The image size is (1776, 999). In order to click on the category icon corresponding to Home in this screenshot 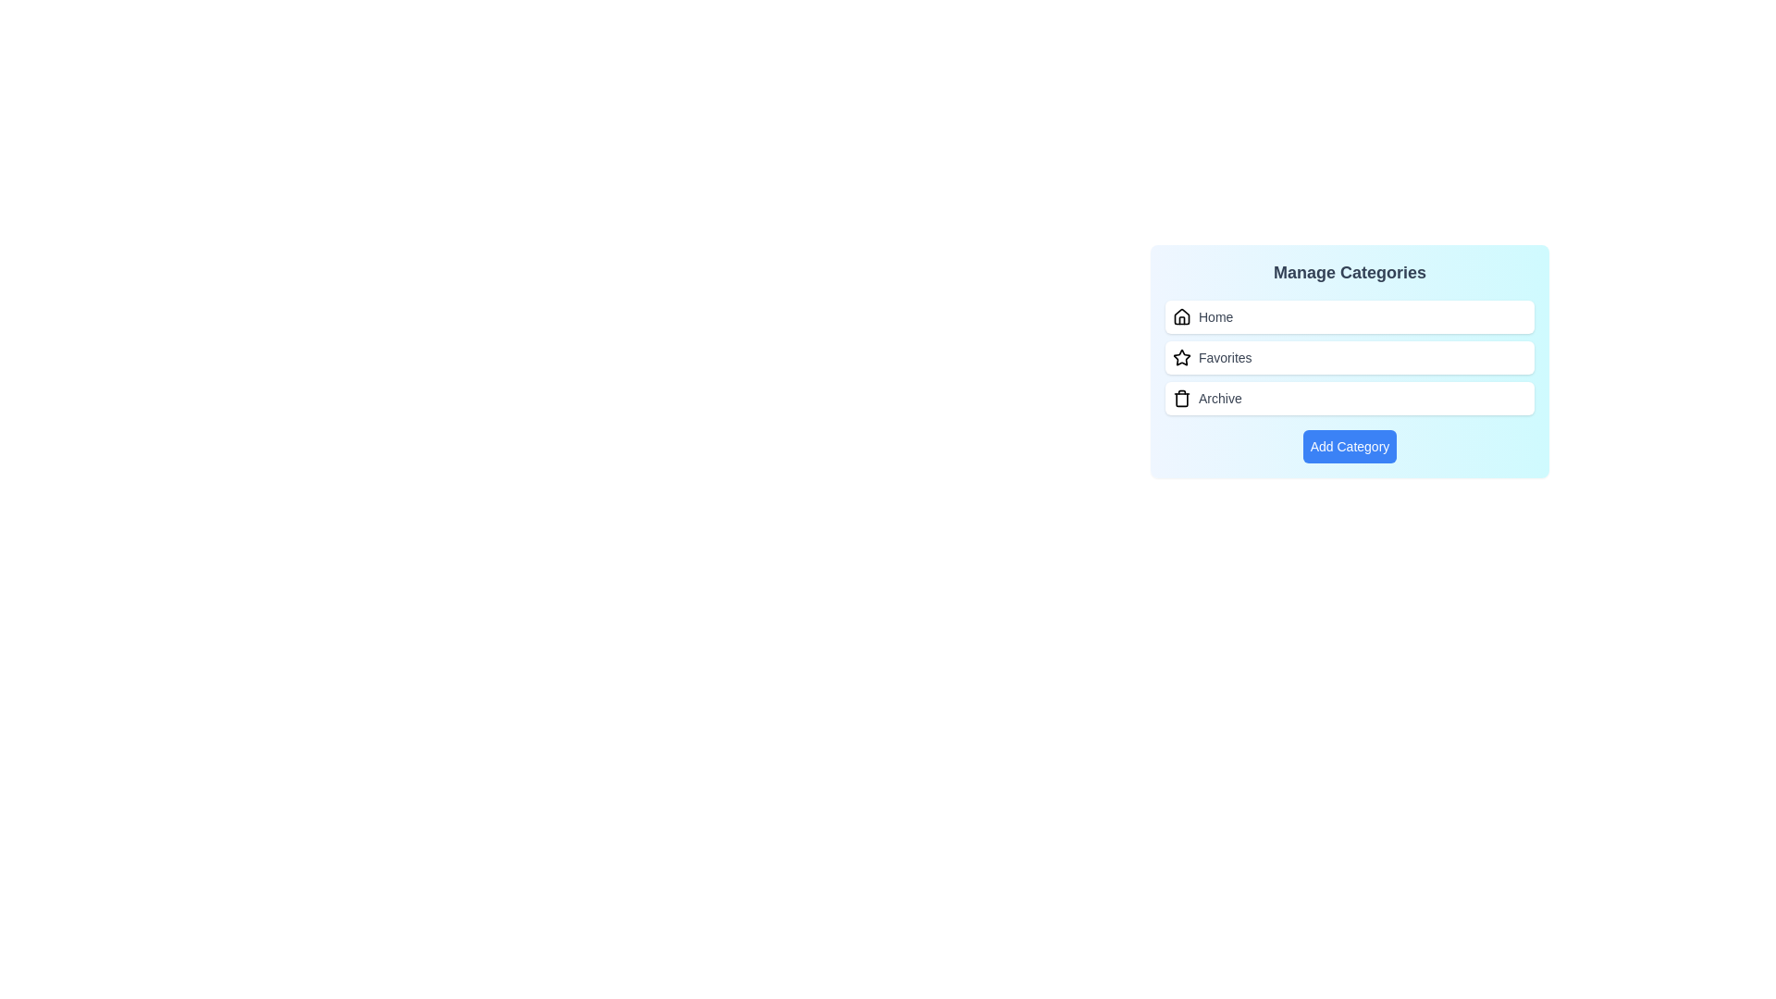, I will do `click(1180, 316)`.